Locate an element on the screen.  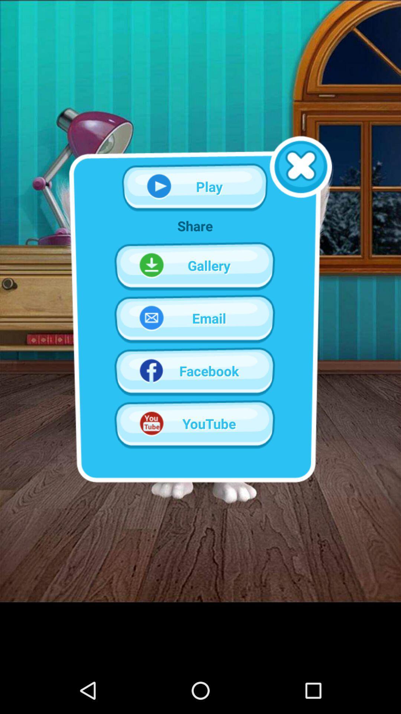
the close icon is located at coordinates (301, 178).